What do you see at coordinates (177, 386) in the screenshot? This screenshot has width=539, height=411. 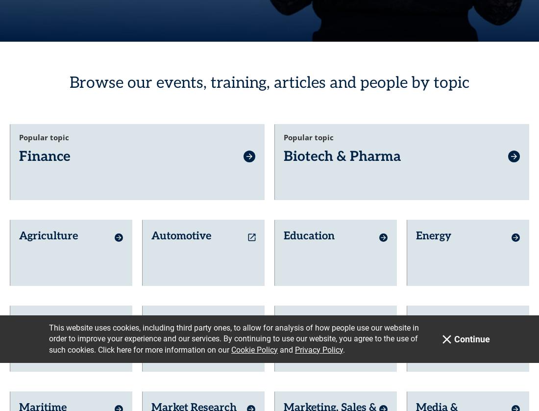 I see `'Security & Defence'` at bounding box center [177, 386].